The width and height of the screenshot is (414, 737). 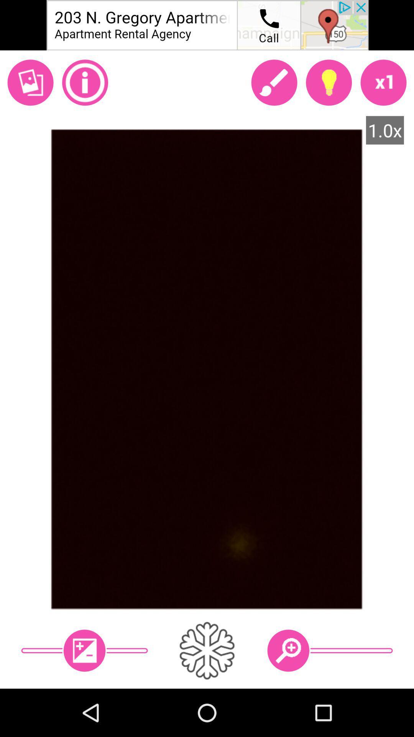 I want to click on announcement, so click(x=207, y=25).